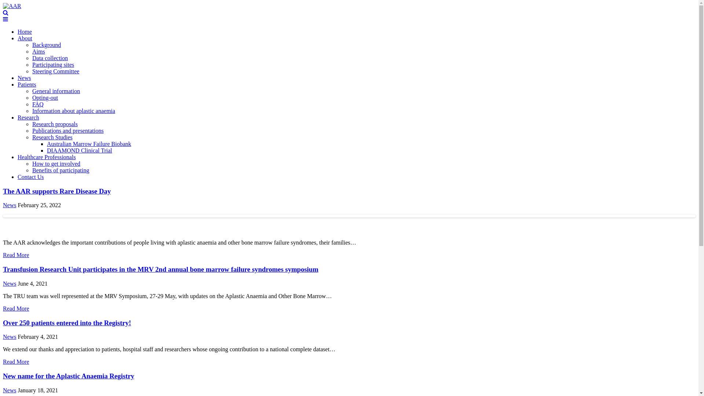  Describe the element at coordinates (18, 31) in the screenshot. I see `'Home'` at that location.